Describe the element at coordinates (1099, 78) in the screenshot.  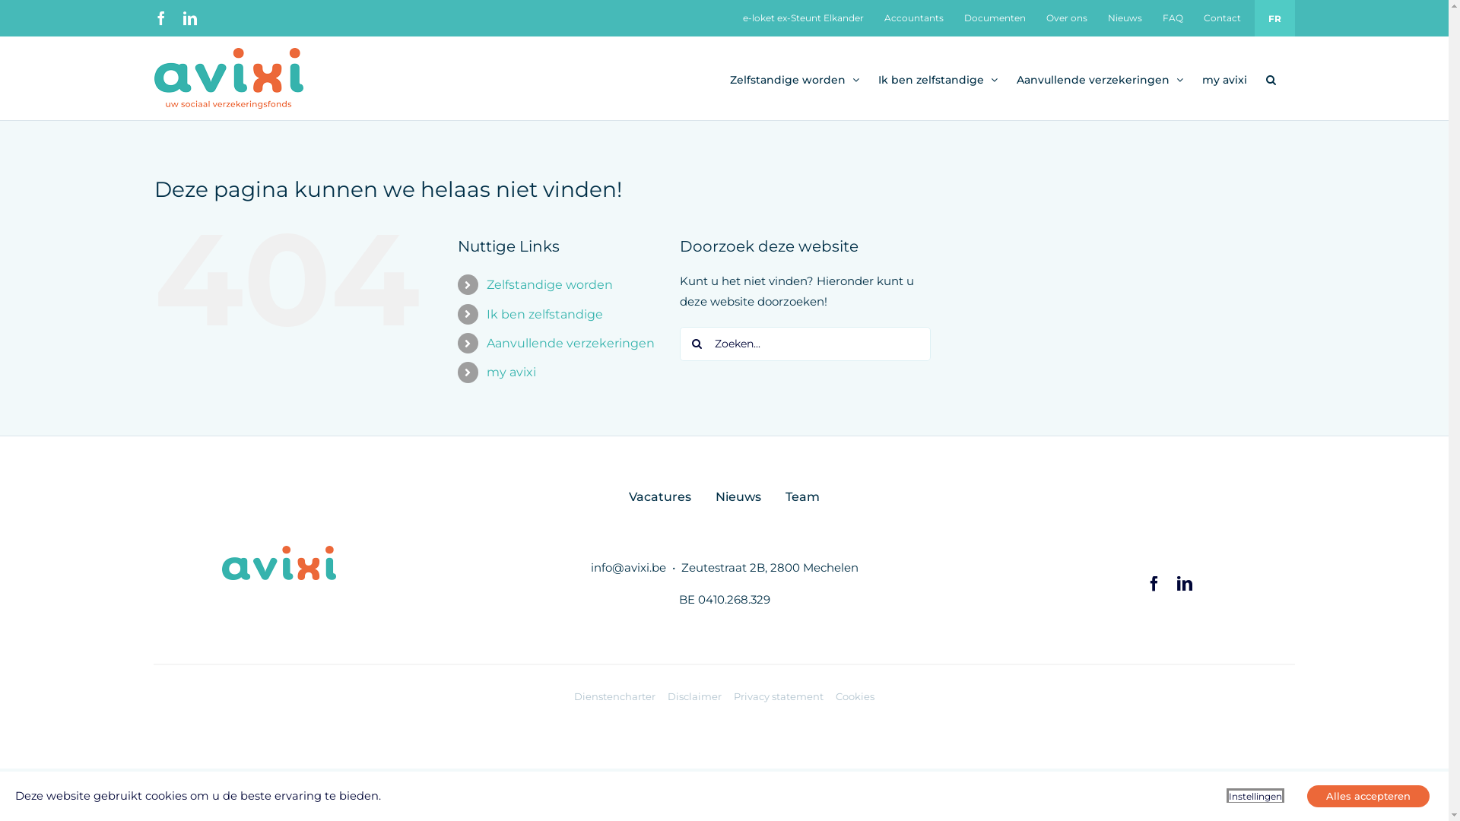
I see `'Aanvullende verzekeringen'` at that location.